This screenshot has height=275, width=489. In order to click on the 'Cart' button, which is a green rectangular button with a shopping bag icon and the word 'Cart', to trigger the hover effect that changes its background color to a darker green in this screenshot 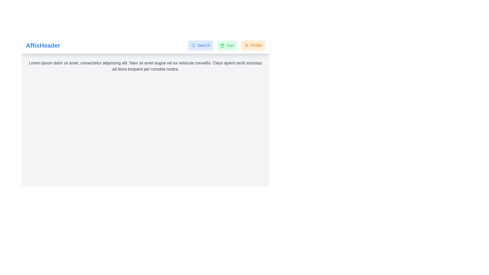, I will do `click(227, 45)`.